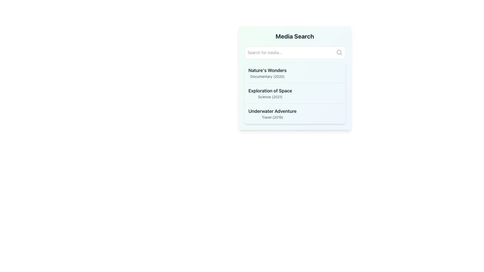 The image size is (484, 272). I want to click on the Text block displaying the title 'Nature's Wonders' and subtitle 'Documentary (2020)', so click(267, 73).